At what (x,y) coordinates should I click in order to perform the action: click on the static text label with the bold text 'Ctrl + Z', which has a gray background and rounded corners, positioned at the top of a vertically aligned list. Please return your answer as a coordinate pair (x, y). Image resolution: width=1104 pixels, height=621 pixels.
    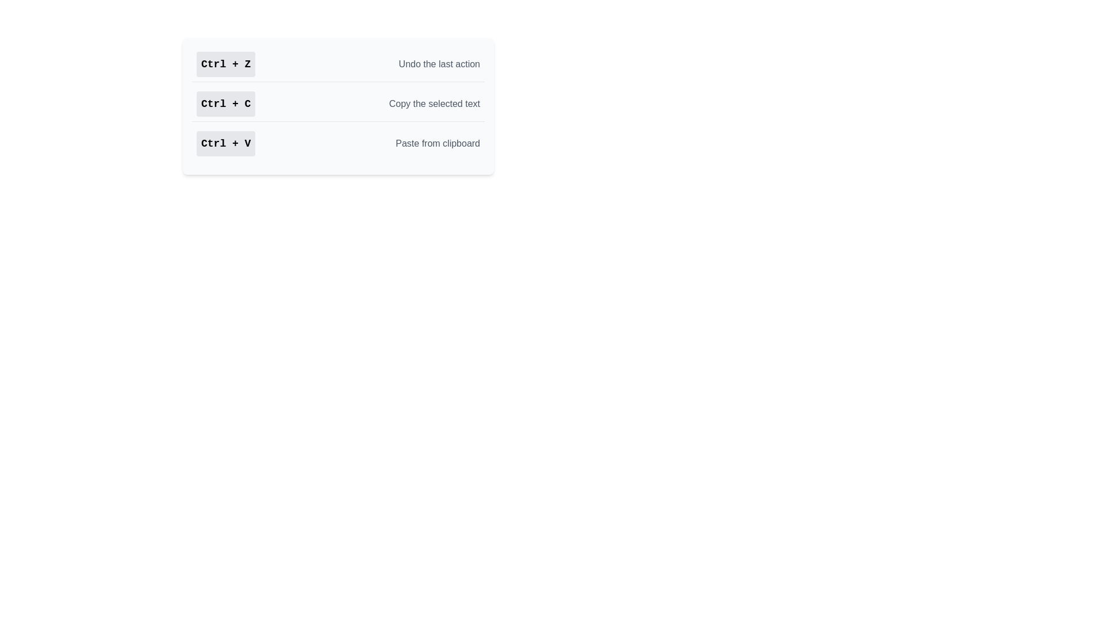
    Looking at the image, I should click on (226, 64).